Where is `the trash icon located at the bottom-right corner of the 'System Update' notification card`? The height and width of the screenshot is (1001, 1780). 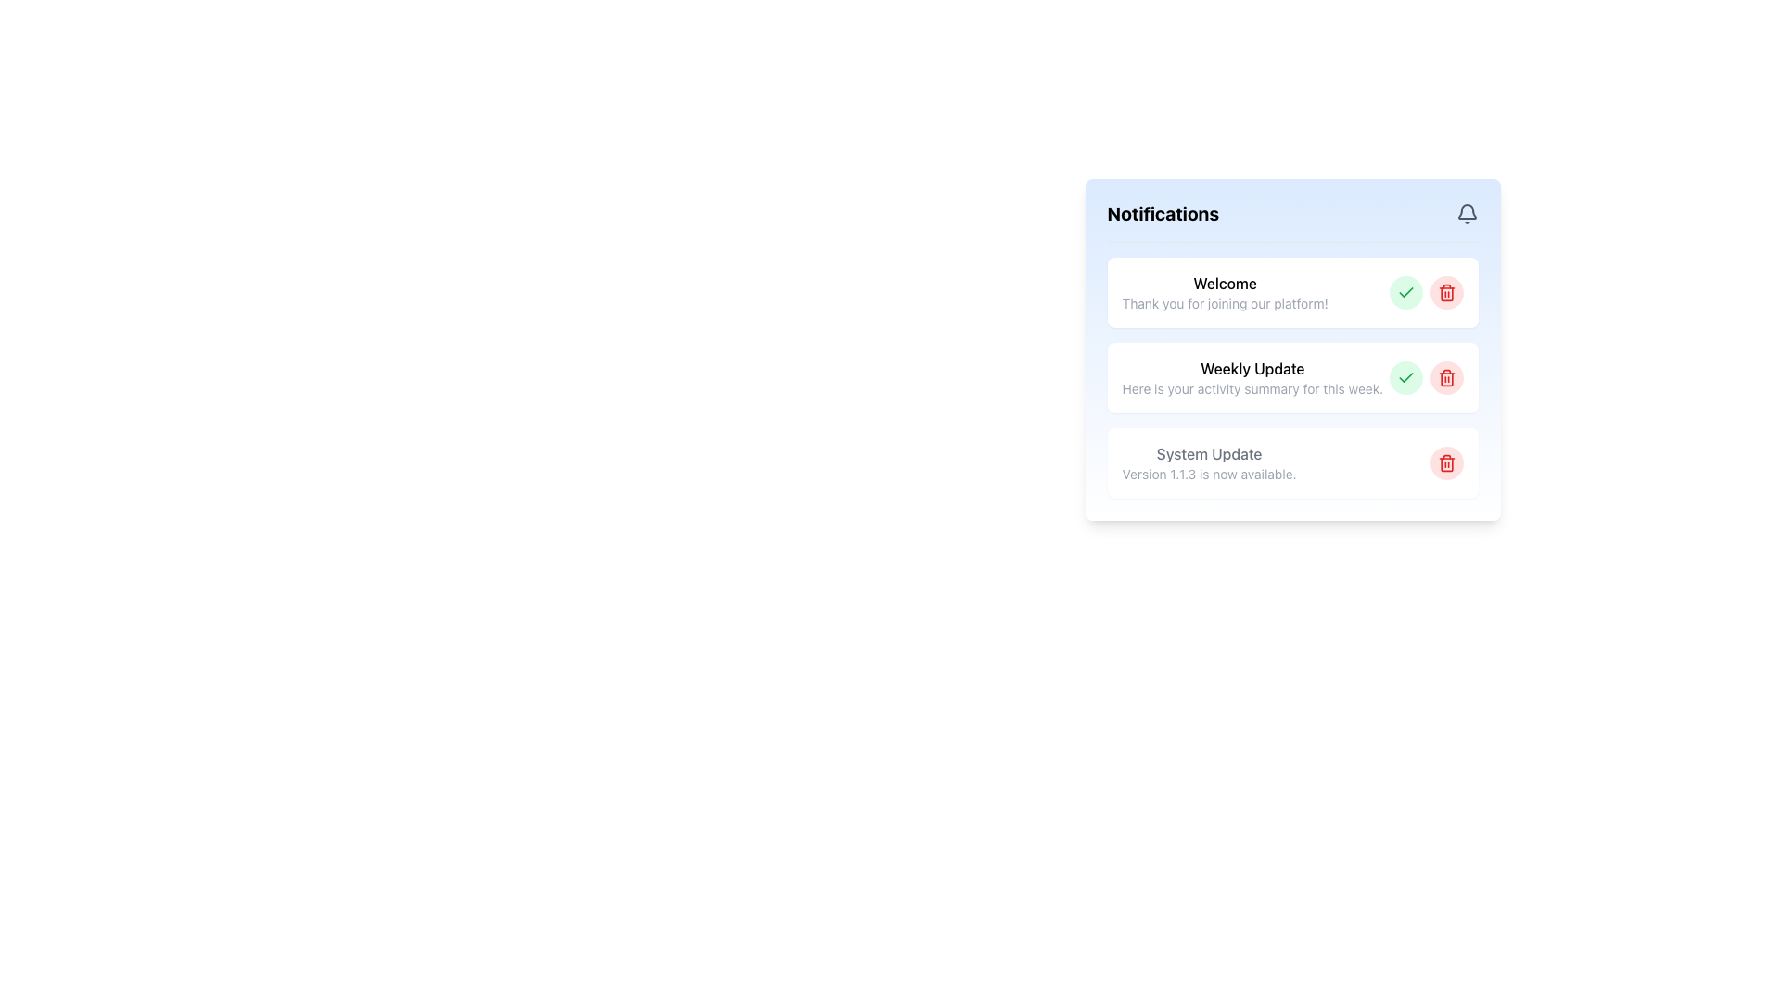
the trash icon located at the bottom-right corner of the 'System Update' notification card is located at coordinates (1445, 462).